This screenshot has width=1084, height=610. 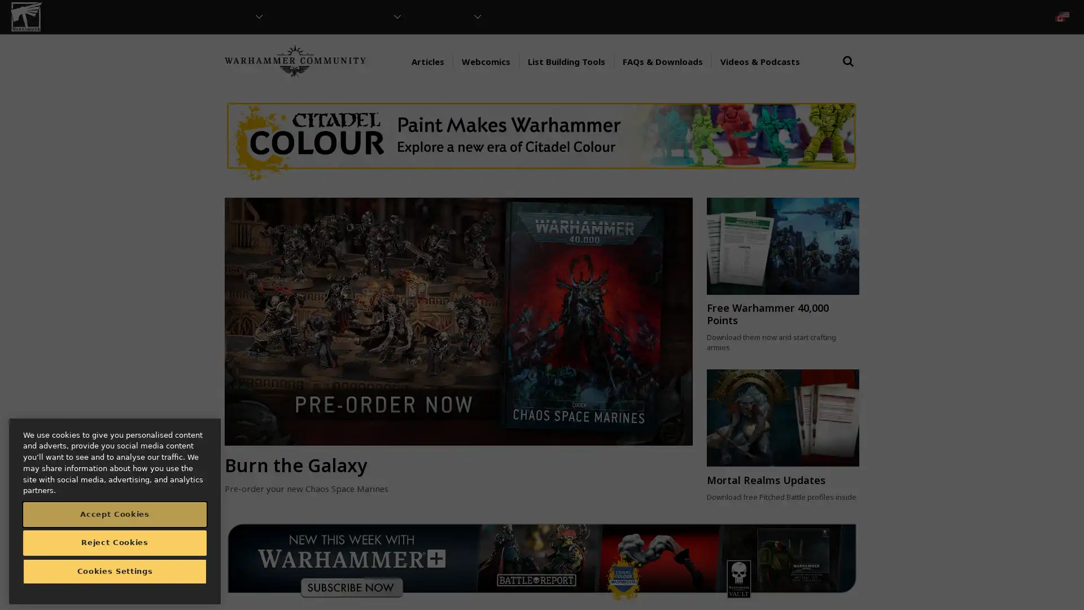 What do you see at coordinates (115, 542) in the screenshot?
I see `Reject Cookies` at bounding box center [115, 542].